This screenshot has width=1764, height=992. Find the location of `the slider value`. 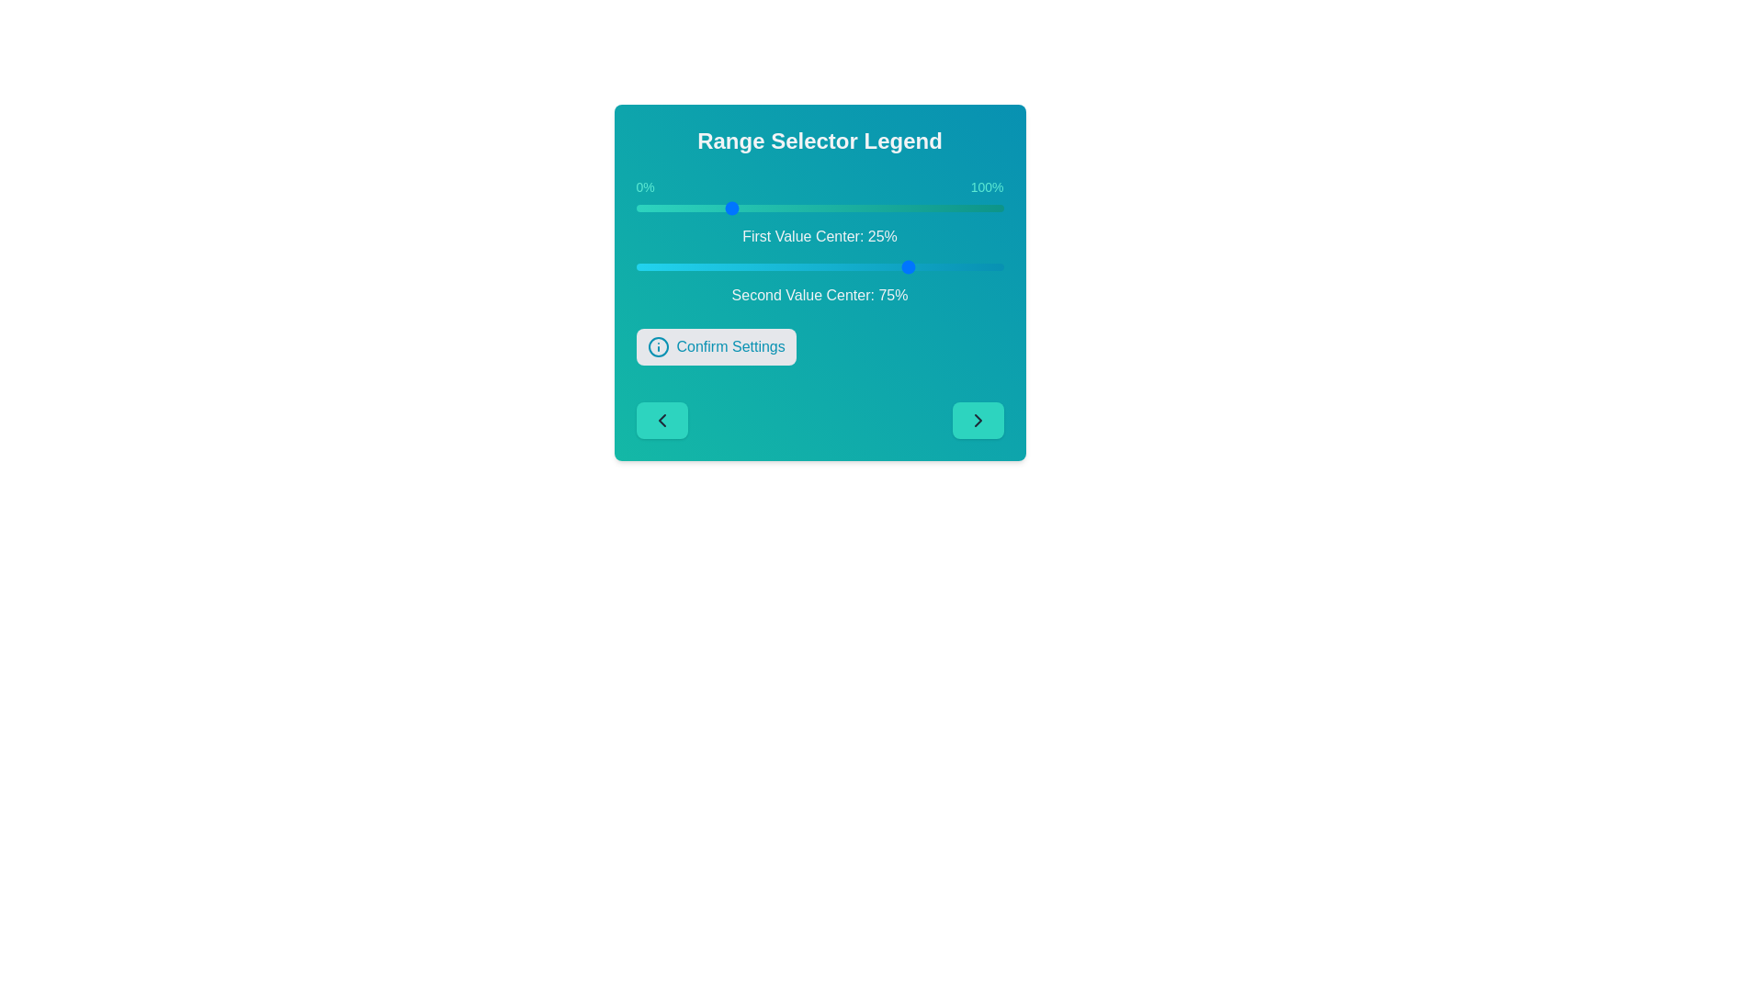

the slider value is located at coordinates (683, 208).